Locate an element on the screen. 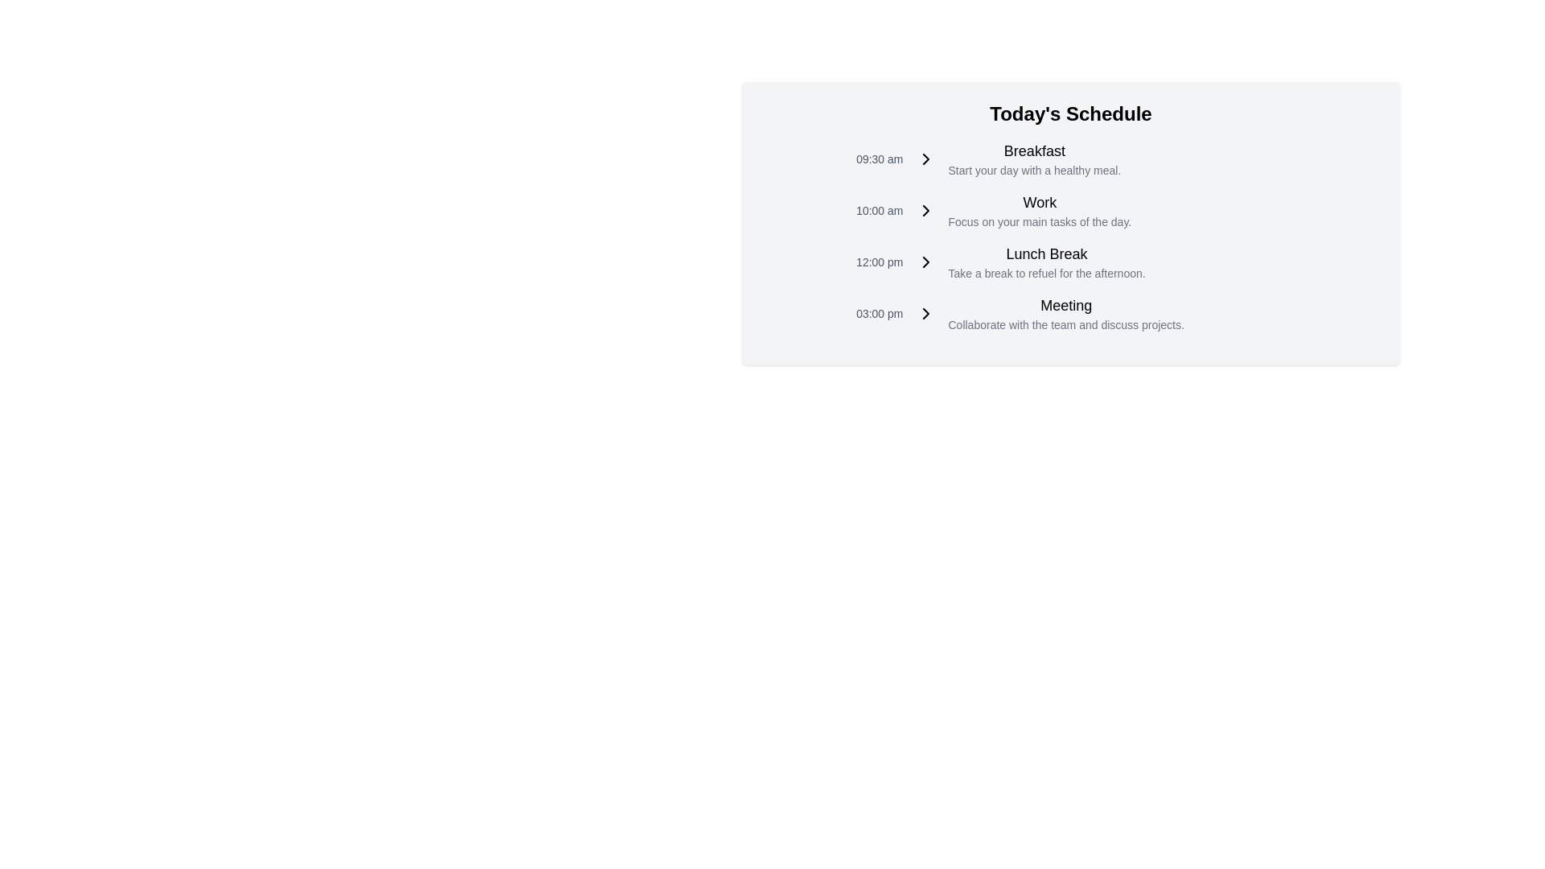 Image resolution: width=1545 pixels, height=869 pixels. the chevron icon located directly to the right of the '03:00 pm' label in the schedule listing is located at coordinates (925, 313).